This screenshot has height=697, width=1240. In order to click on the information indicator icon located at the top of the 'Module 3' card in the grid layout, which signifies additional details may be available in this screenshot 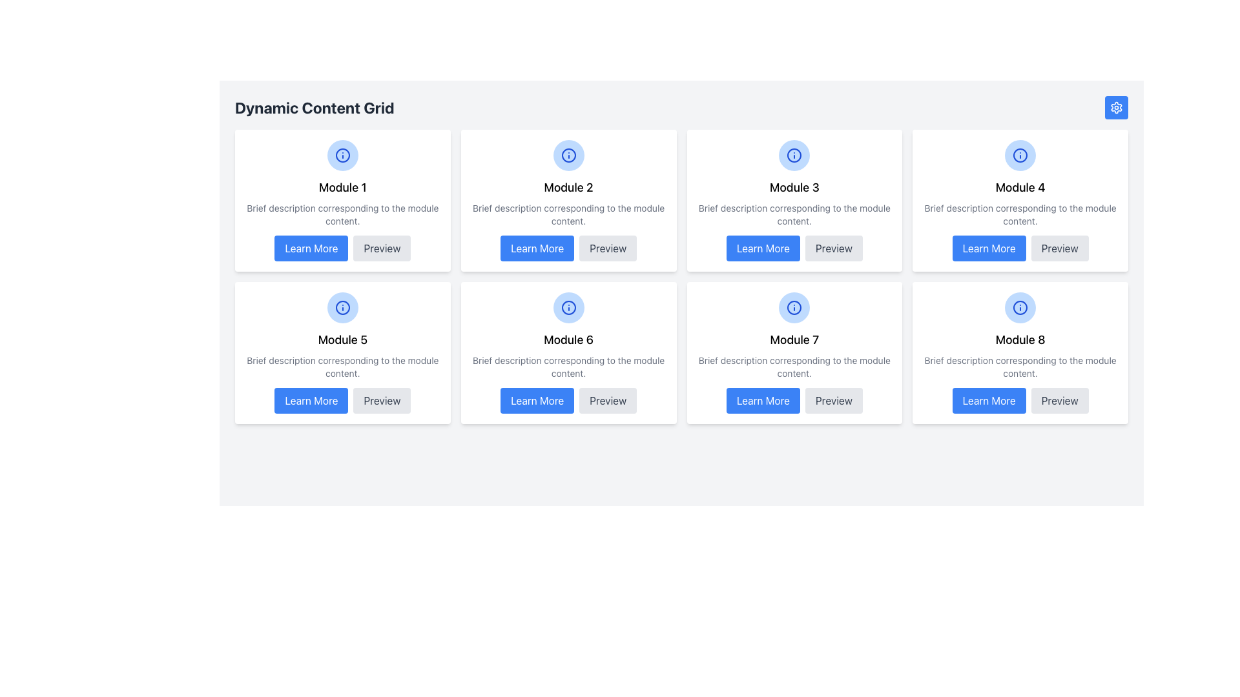, I will do `click(794, 154)`.